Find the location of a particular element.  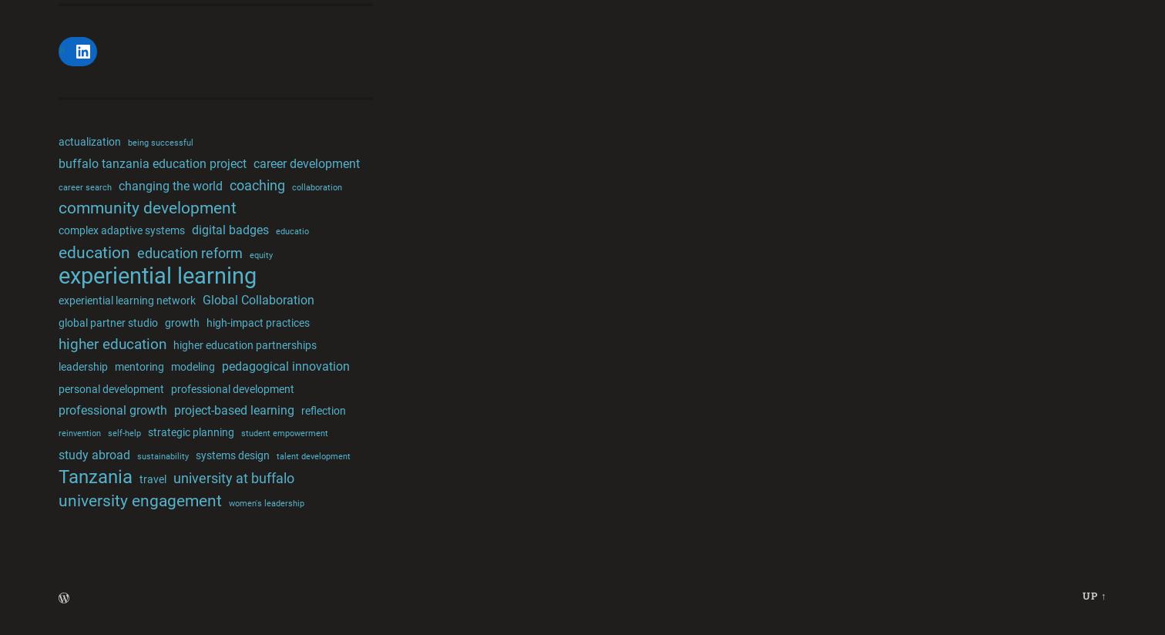

'systems design' is located at coordinates (232, 454).